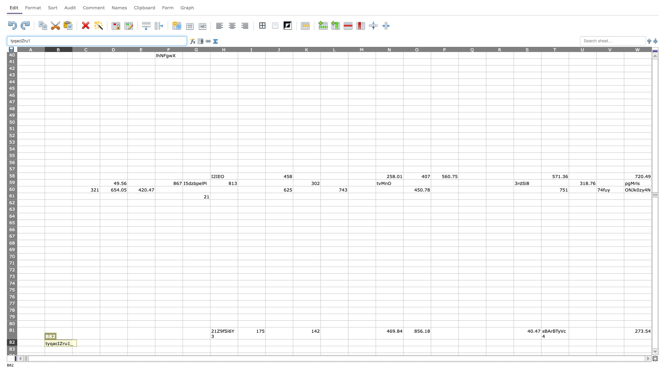 The height and width of the screenshot is (372, 662). I want to click on right border at column E row 82, so click(155, 342).